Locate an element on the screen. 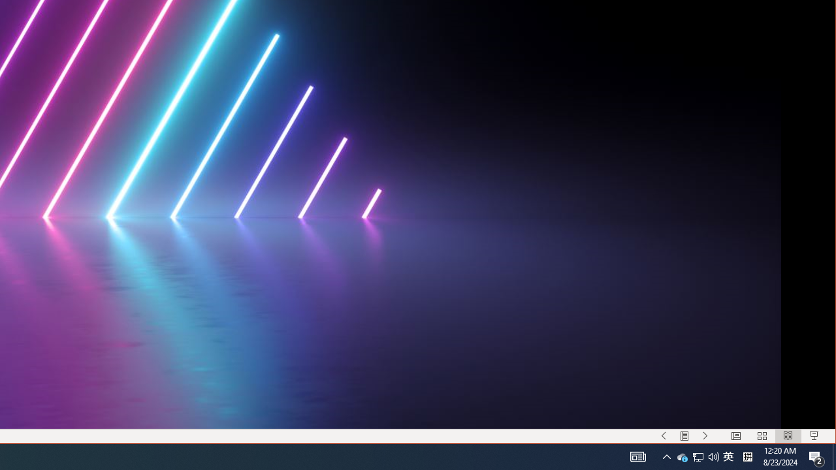  'Slide Show Next On' is located at coordinates (705, 436).